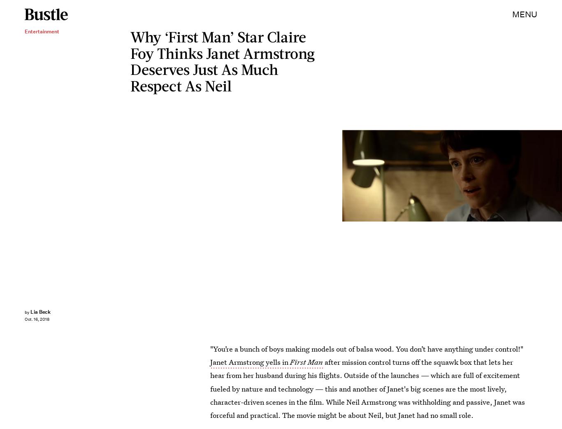 Image resolution: width=562 pixels, height=429 pixels. Describe the element at coordinates (307, 361) in the screenshot. I see `'First Man'` at that location.